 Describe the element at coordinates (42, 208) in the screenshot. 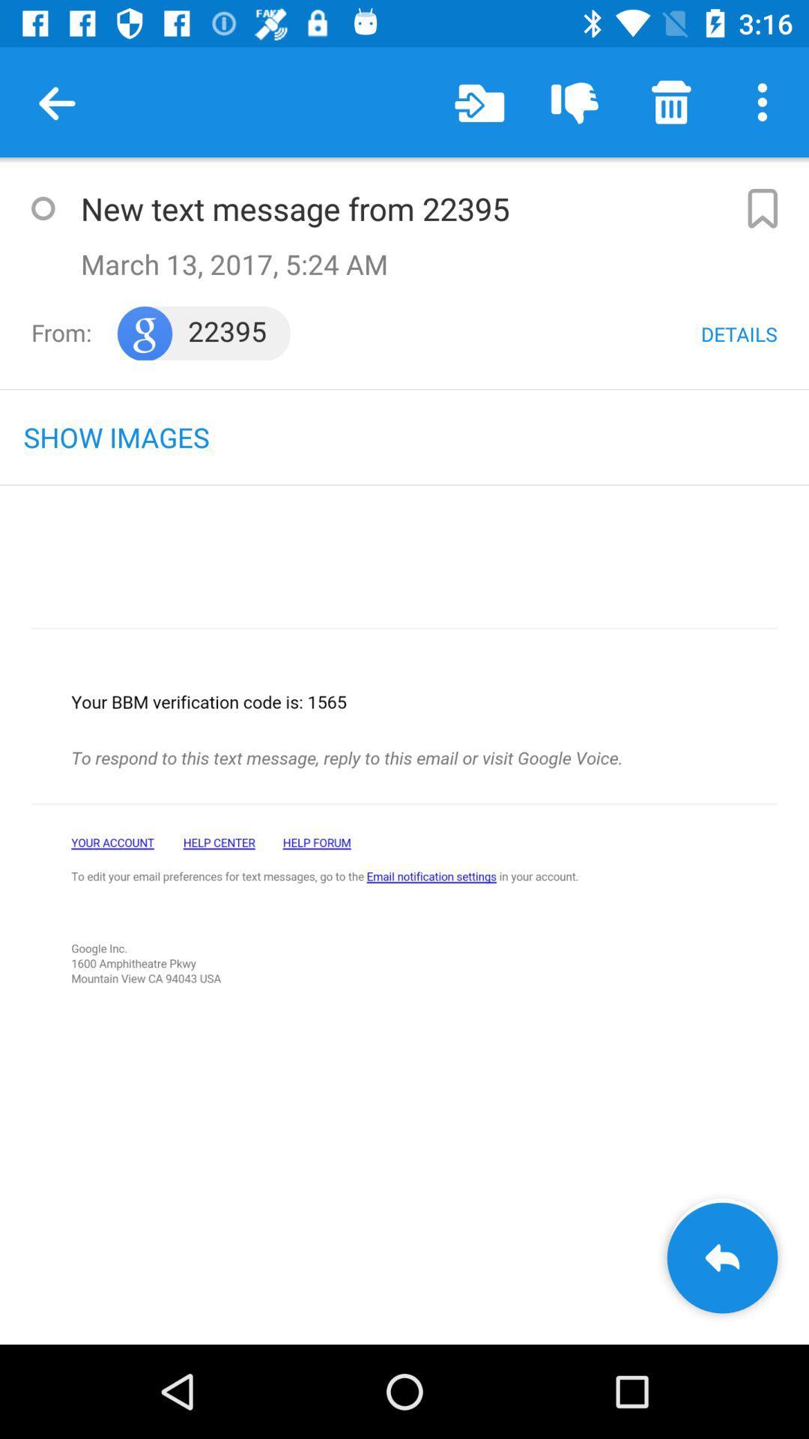

I see `tybe the meaage` at that location.